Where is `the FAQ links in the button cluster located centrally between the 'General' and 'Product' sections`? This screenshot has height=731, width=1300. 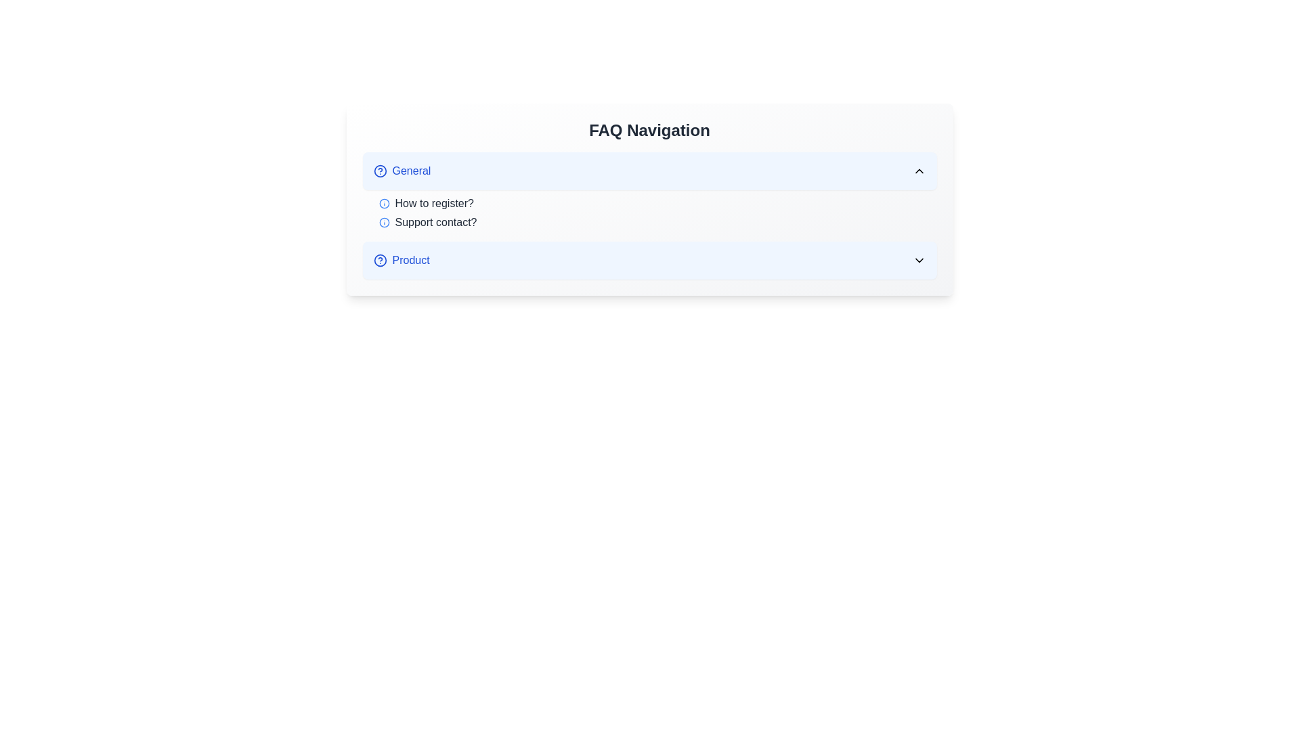 the FAQ links in the button cluster located centrally between the 'General' and 'Product' sections is located at coordinates (649, 199).